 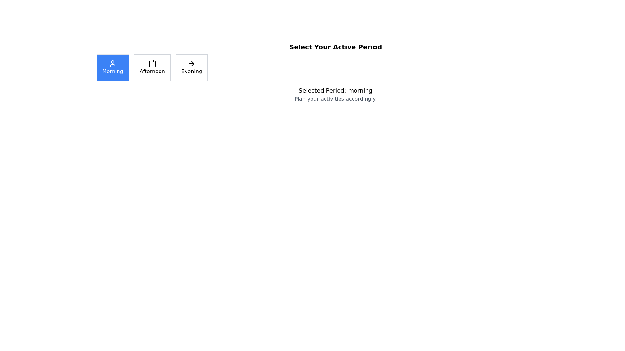 I want to click on the informational text displaying 'Selected Period: morning' and 'Plan your activities accordingly.' which is located beneath the selection options for 'Morning,' 'Afternoon,' and 'Evening', so click(x=336, y=94).